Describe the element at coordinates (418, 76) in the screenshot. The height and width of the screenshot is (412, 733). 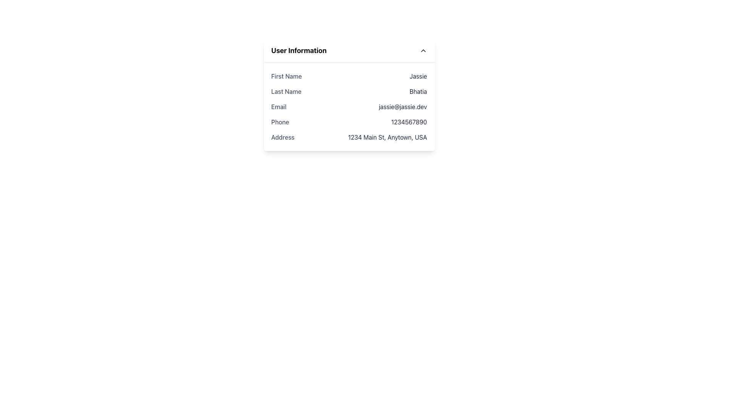
I see `the text label displaying the name 'Jassie' in bold, dark gray font, aligned to the right of the 'First Name' label within the user details card interface` at that location.